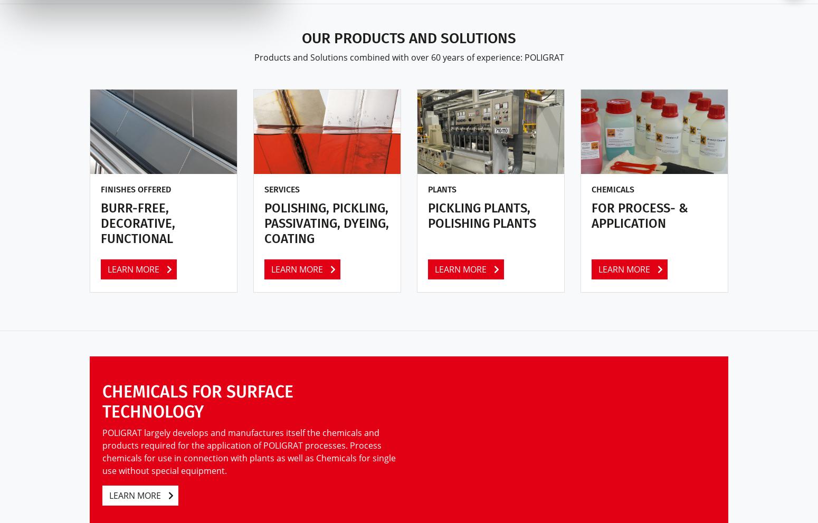 Image resolution: width=818 pixels, height=523 pixels. Describe the element at coordinates (138, 222) in the screenshot. I see `'Burr-free, Decorative, Functional'` at that location.